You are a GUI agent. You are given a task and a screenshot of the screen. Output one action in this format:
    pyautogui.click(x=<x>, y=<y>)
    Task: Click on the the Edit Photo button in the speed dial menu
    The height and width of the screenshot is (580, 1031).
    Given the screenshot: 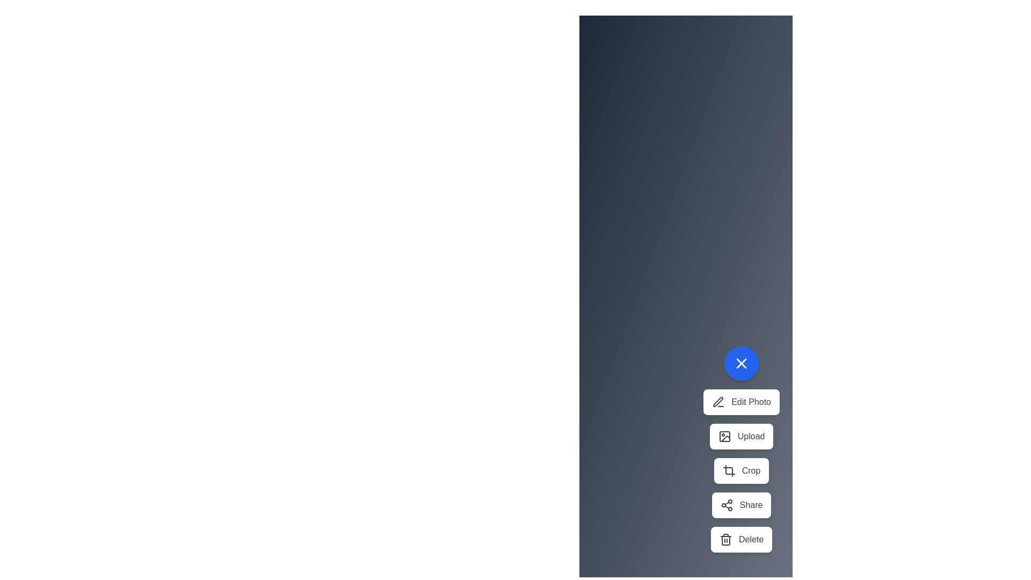 What is the action you would take?
    pyautogui.click(x=741, y=402)
    